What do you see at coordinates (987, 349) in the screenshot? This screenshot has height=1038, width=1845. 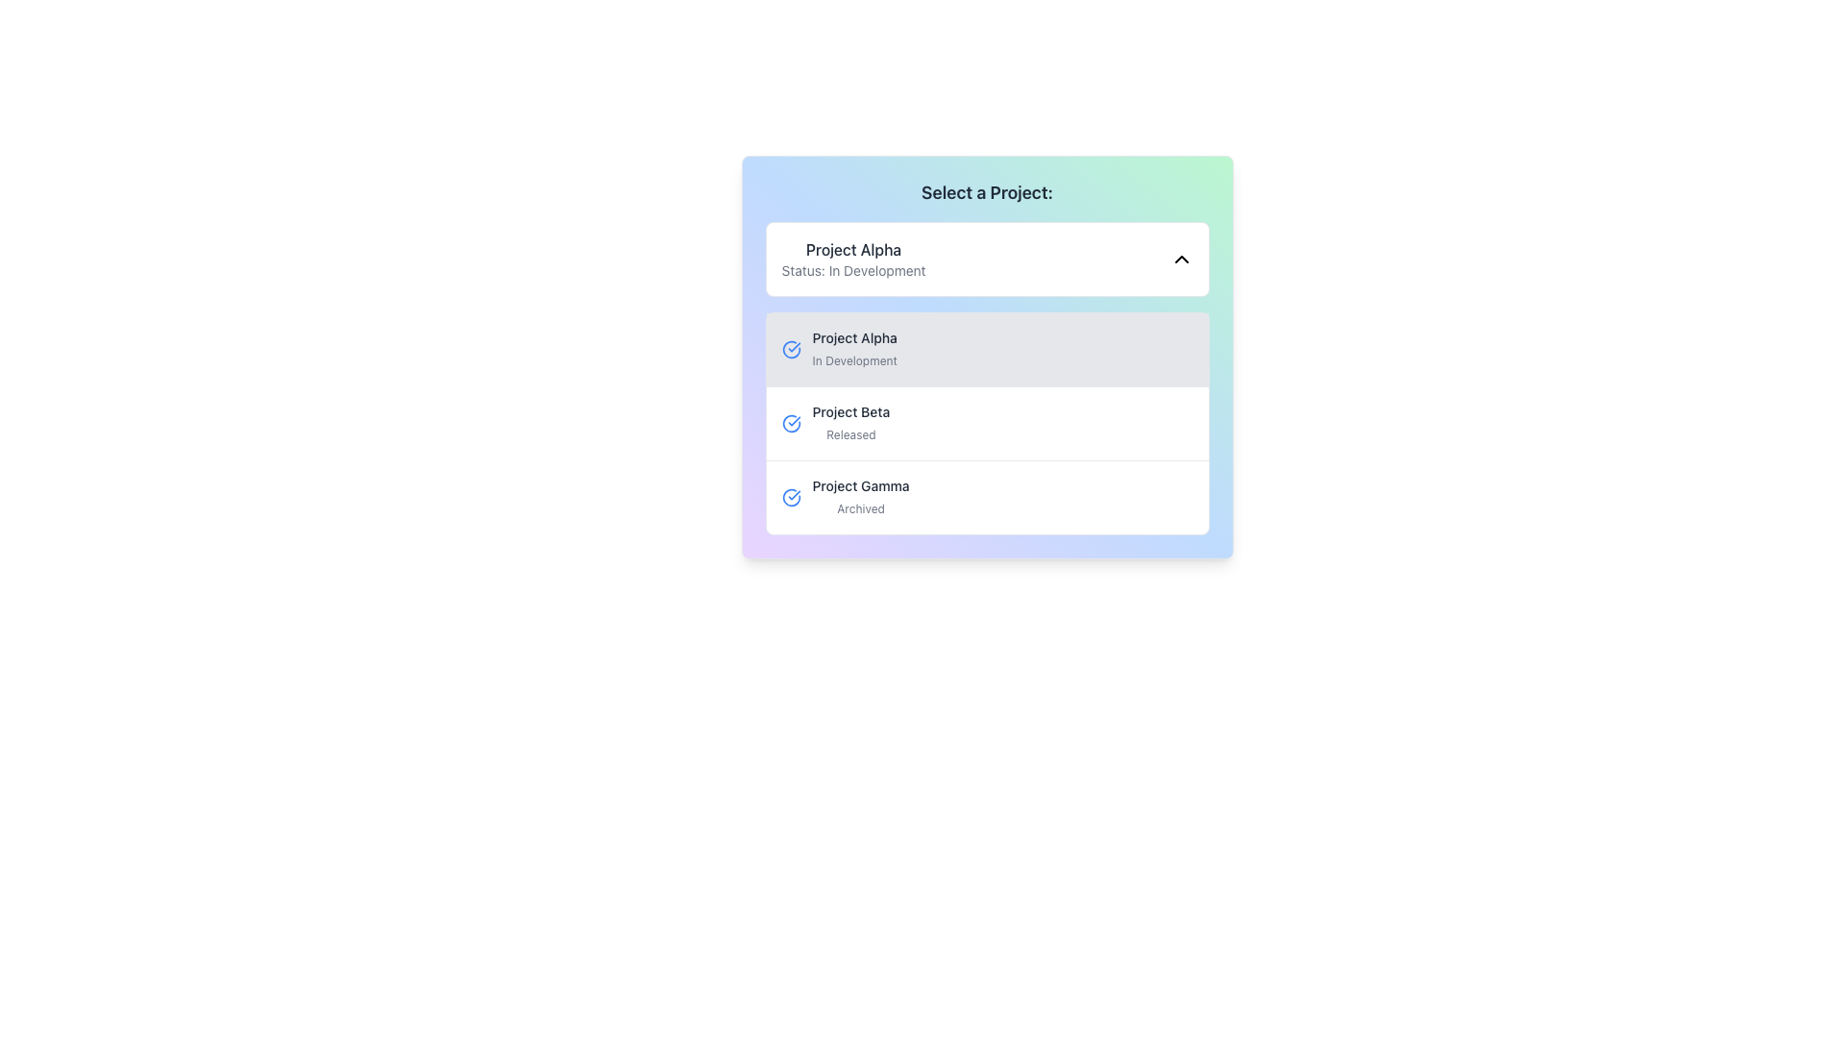 I see `the clickable list item labeled 'Project Alpha' which has a blue circular icon with a checkmark and two lines of text, from its current position` at bounding box center [987, 349].